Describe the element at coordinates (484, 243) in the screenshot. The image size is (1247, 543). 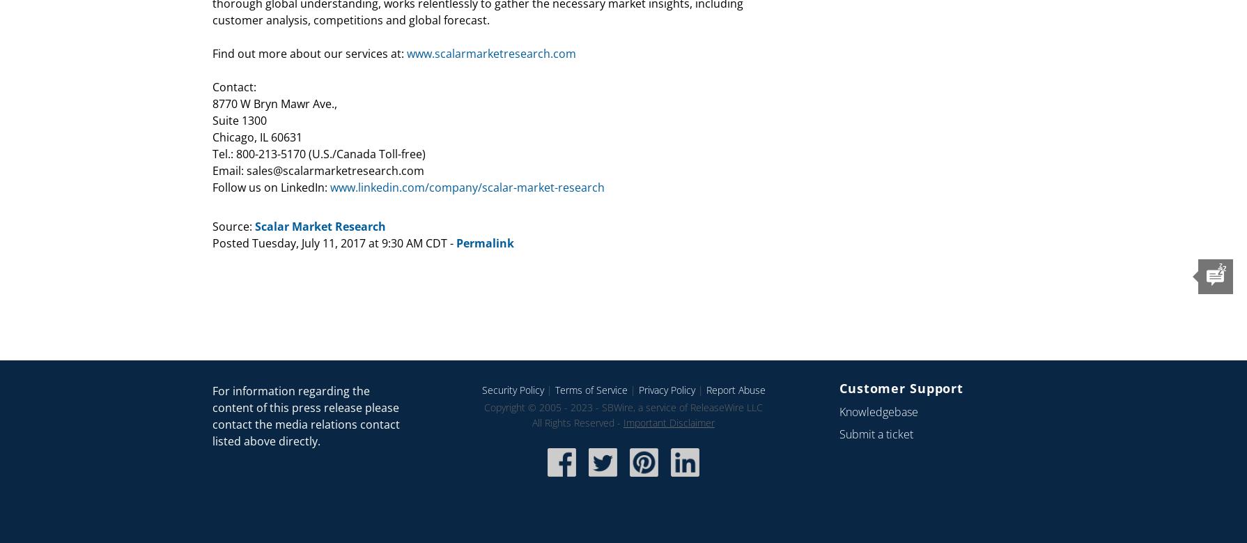
I see `'Permalink'` at that location.